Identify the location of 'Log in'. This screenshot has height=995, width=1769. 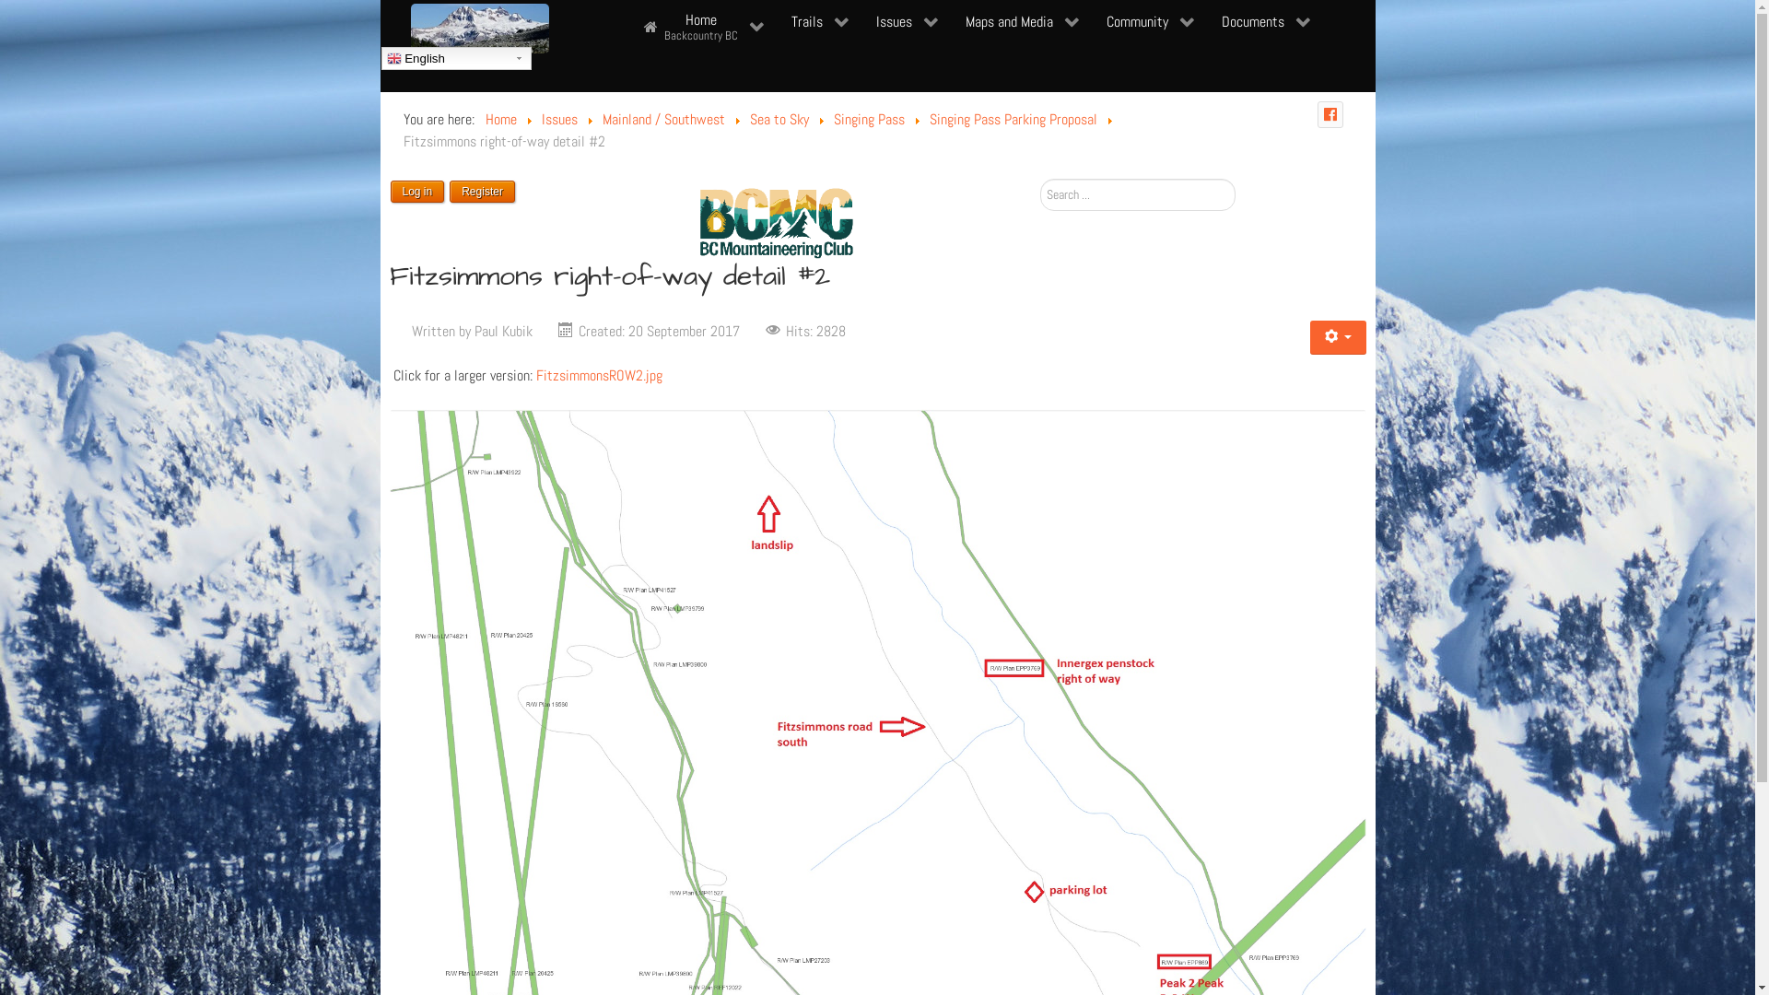
(389, 191).